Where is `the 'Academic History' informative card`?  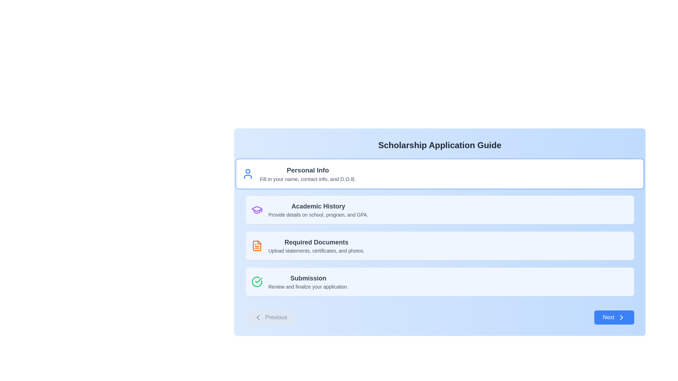 the 'Academic History' informative card is located at coordinates (439, 209).